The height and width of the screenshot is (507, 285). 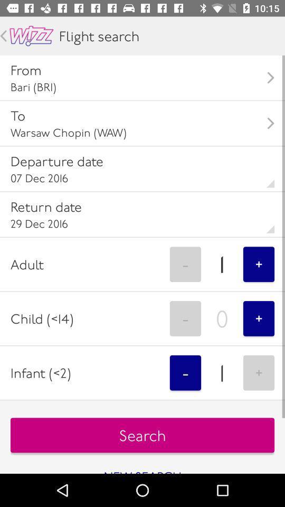 What do you see at coordinates (31, 36) in the screenshot?
I see `home page` at bounding box center [31, 36].